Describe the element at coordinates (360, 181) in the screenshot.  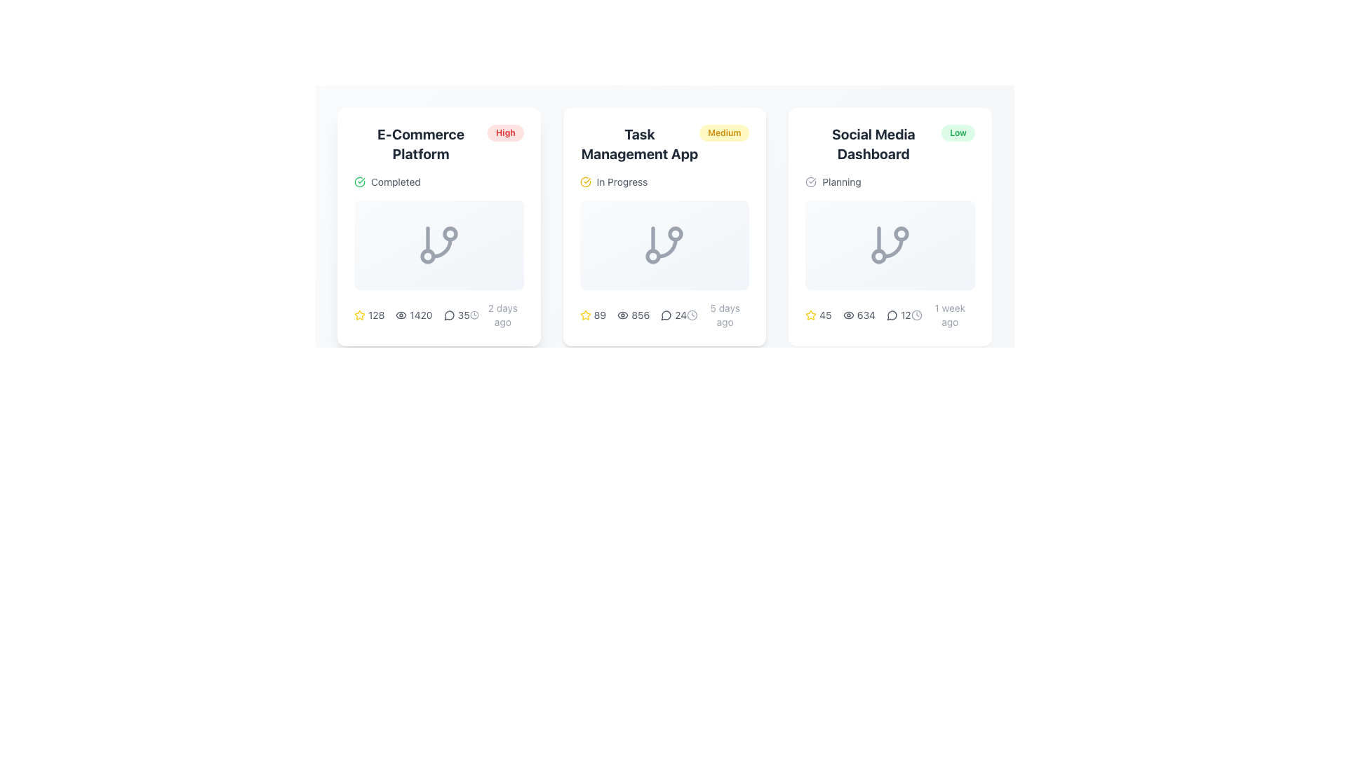
I see `the 'Completed' status checkmark icon located left of the 'Completed' text within the E-Commerce Platform card` at that location.